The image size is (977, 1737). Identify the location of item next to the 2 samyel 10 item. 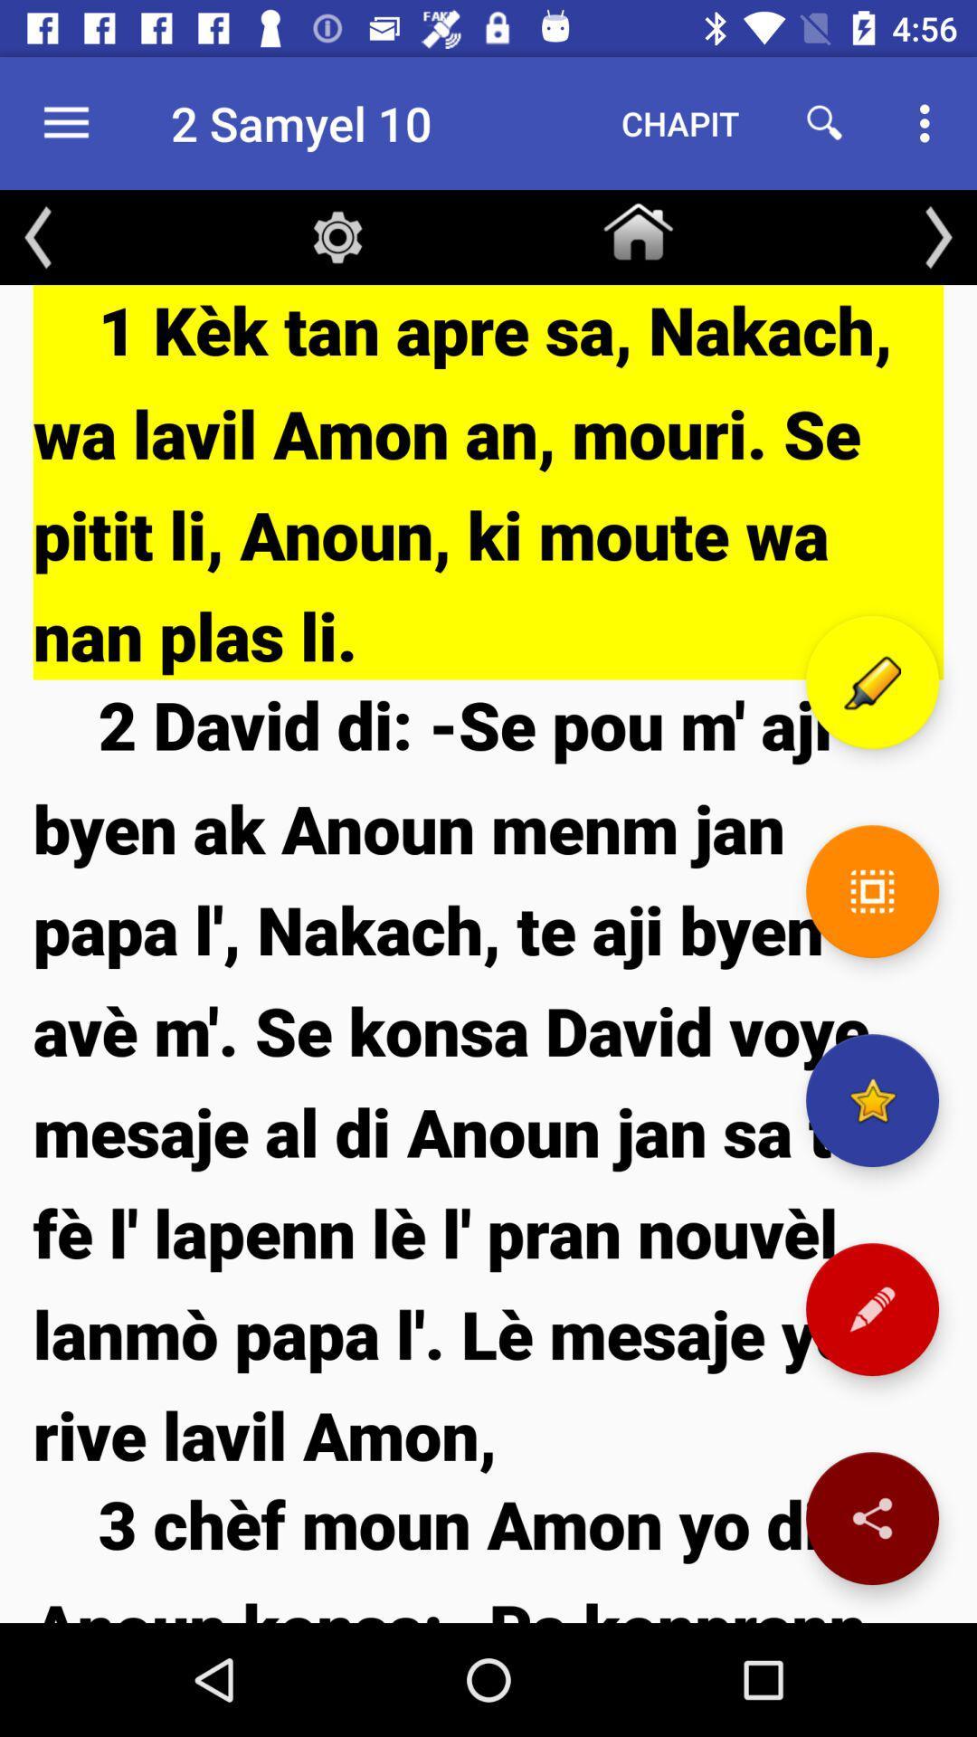
(680, 122).